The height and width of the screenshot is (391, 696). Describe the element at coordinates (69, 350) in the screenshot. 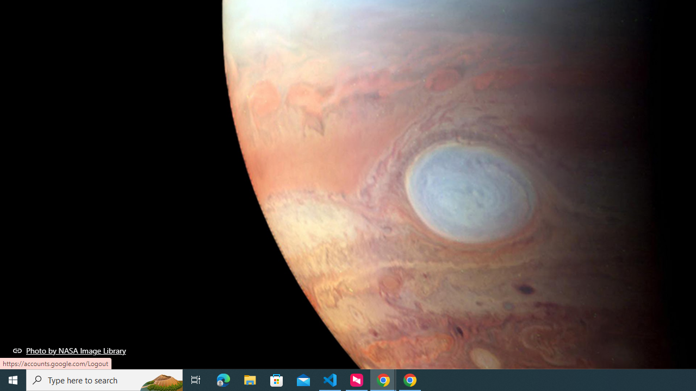

I see `'Photo by NASA Image Library'` at that location.